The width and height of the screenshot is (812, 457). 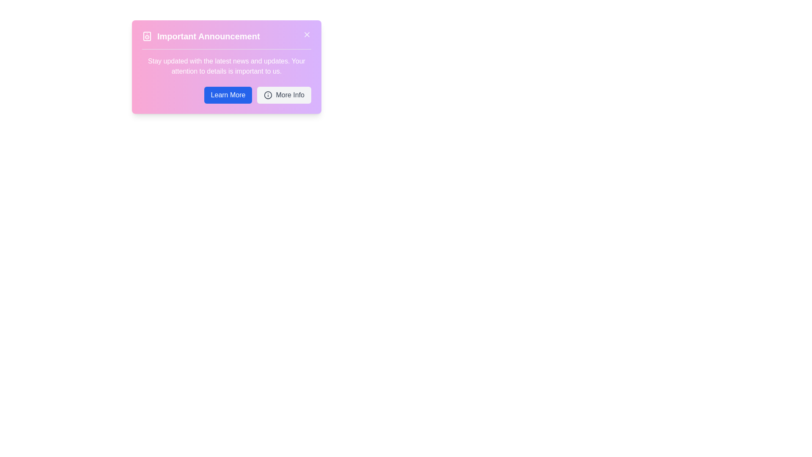 What do you see at coordinates (227, 40) in the screenshot?
I see `the Header element that has an icon and a close button` at bounding box center [227, 40].